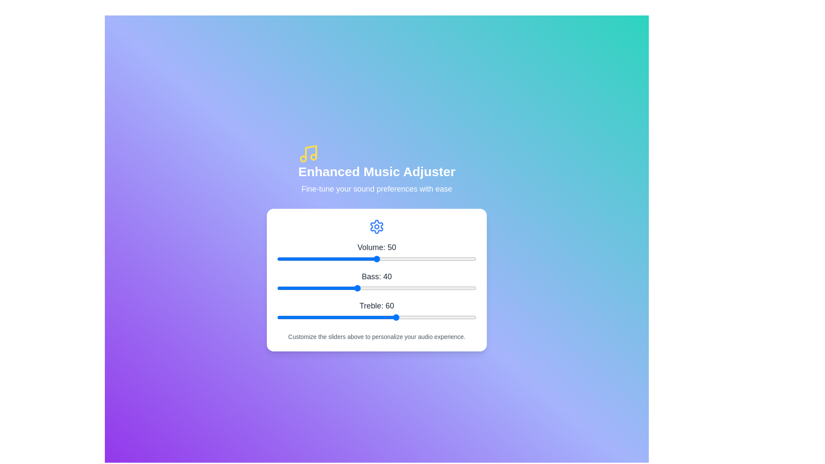 Image resolution: width=825 pixels, height=464 pixels. What do you see at coordinates (458, 317) in the screenshot?
I see `the treble slider to 91` at bounding box center [458, 317].